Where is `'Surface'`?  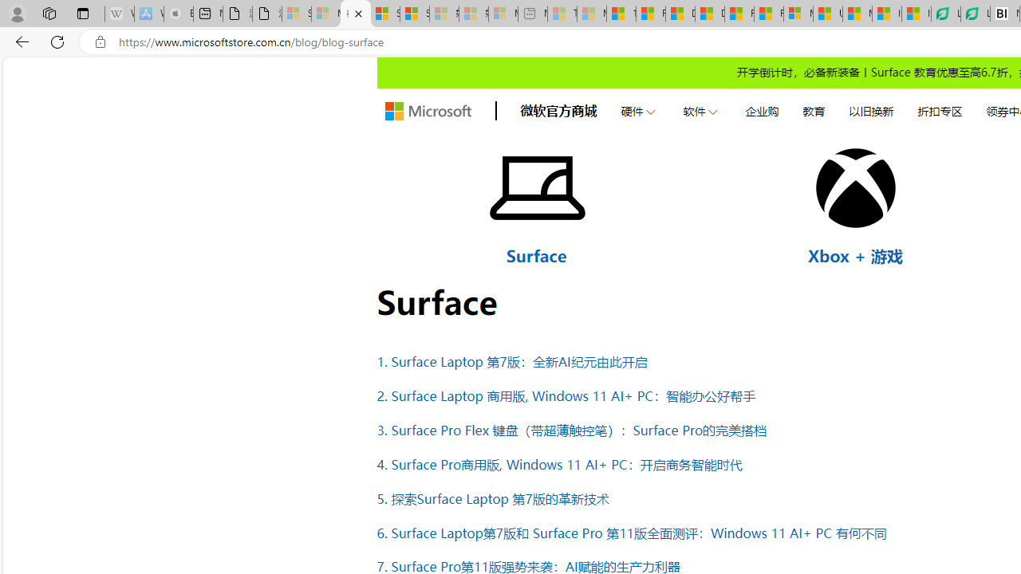 'Surface' is located at coordinates (536, 254).